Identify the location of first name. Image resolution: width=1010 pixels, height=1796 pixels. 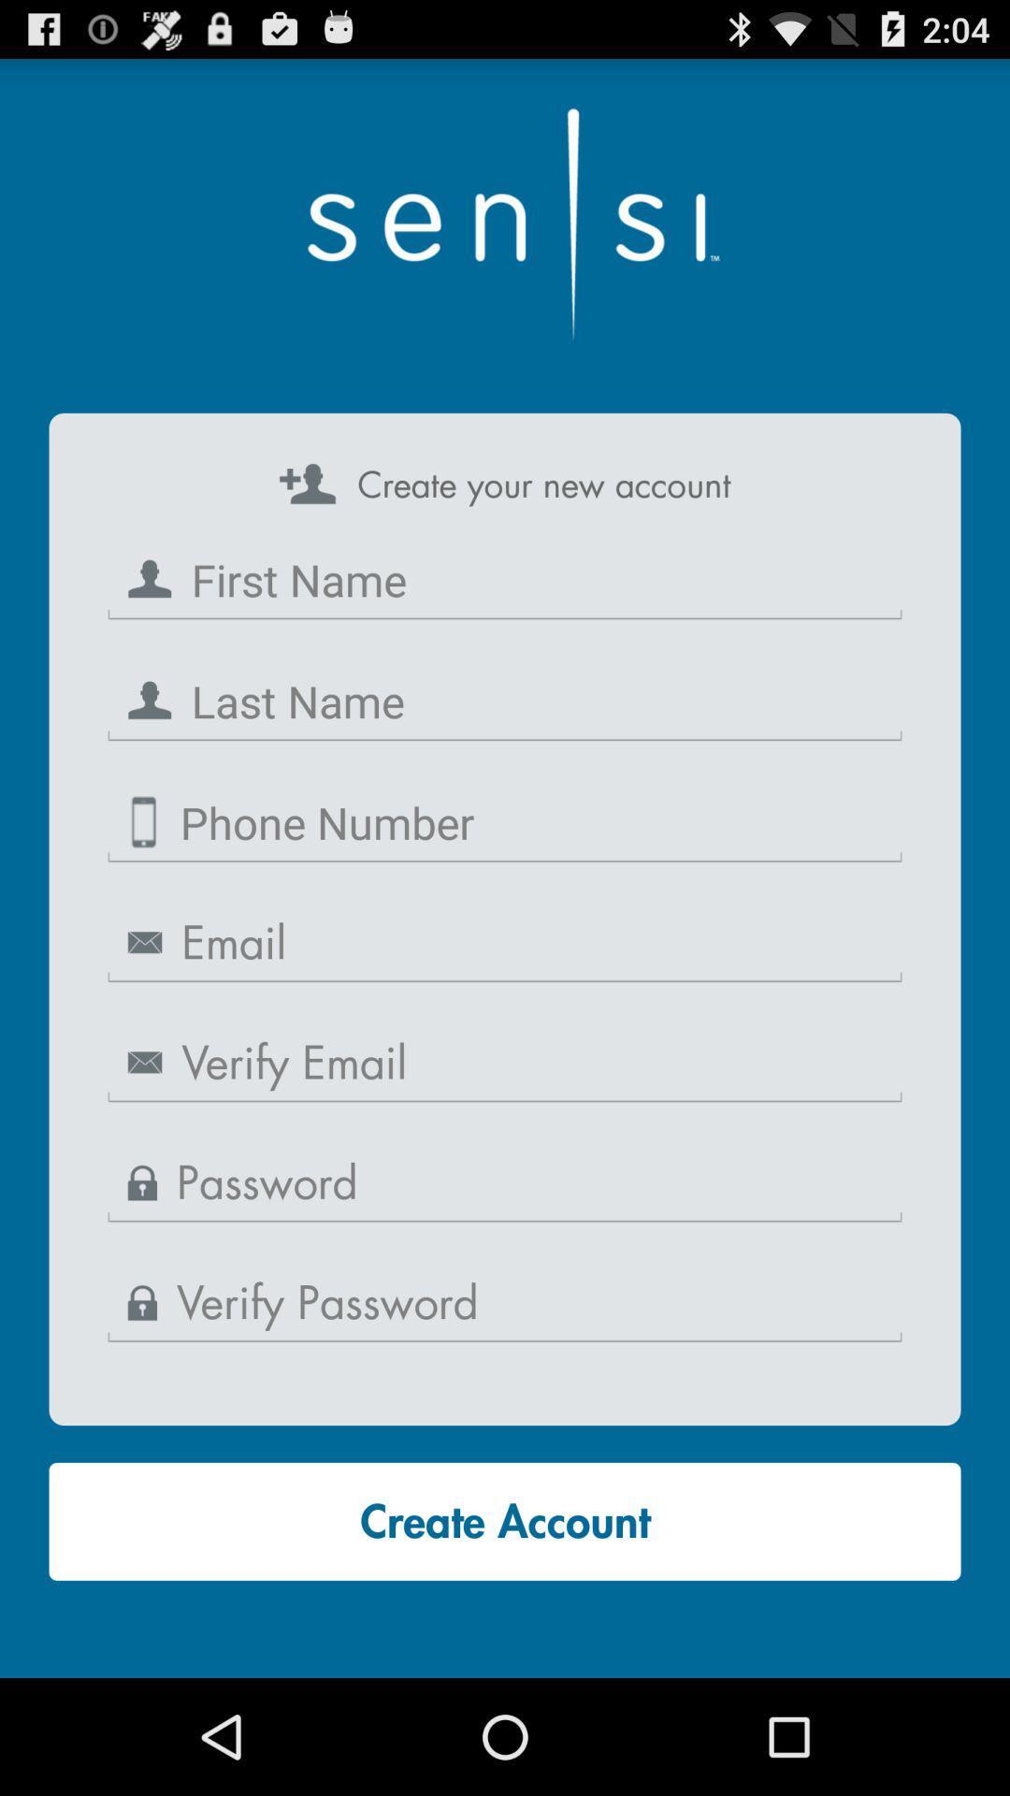
(505, 579).